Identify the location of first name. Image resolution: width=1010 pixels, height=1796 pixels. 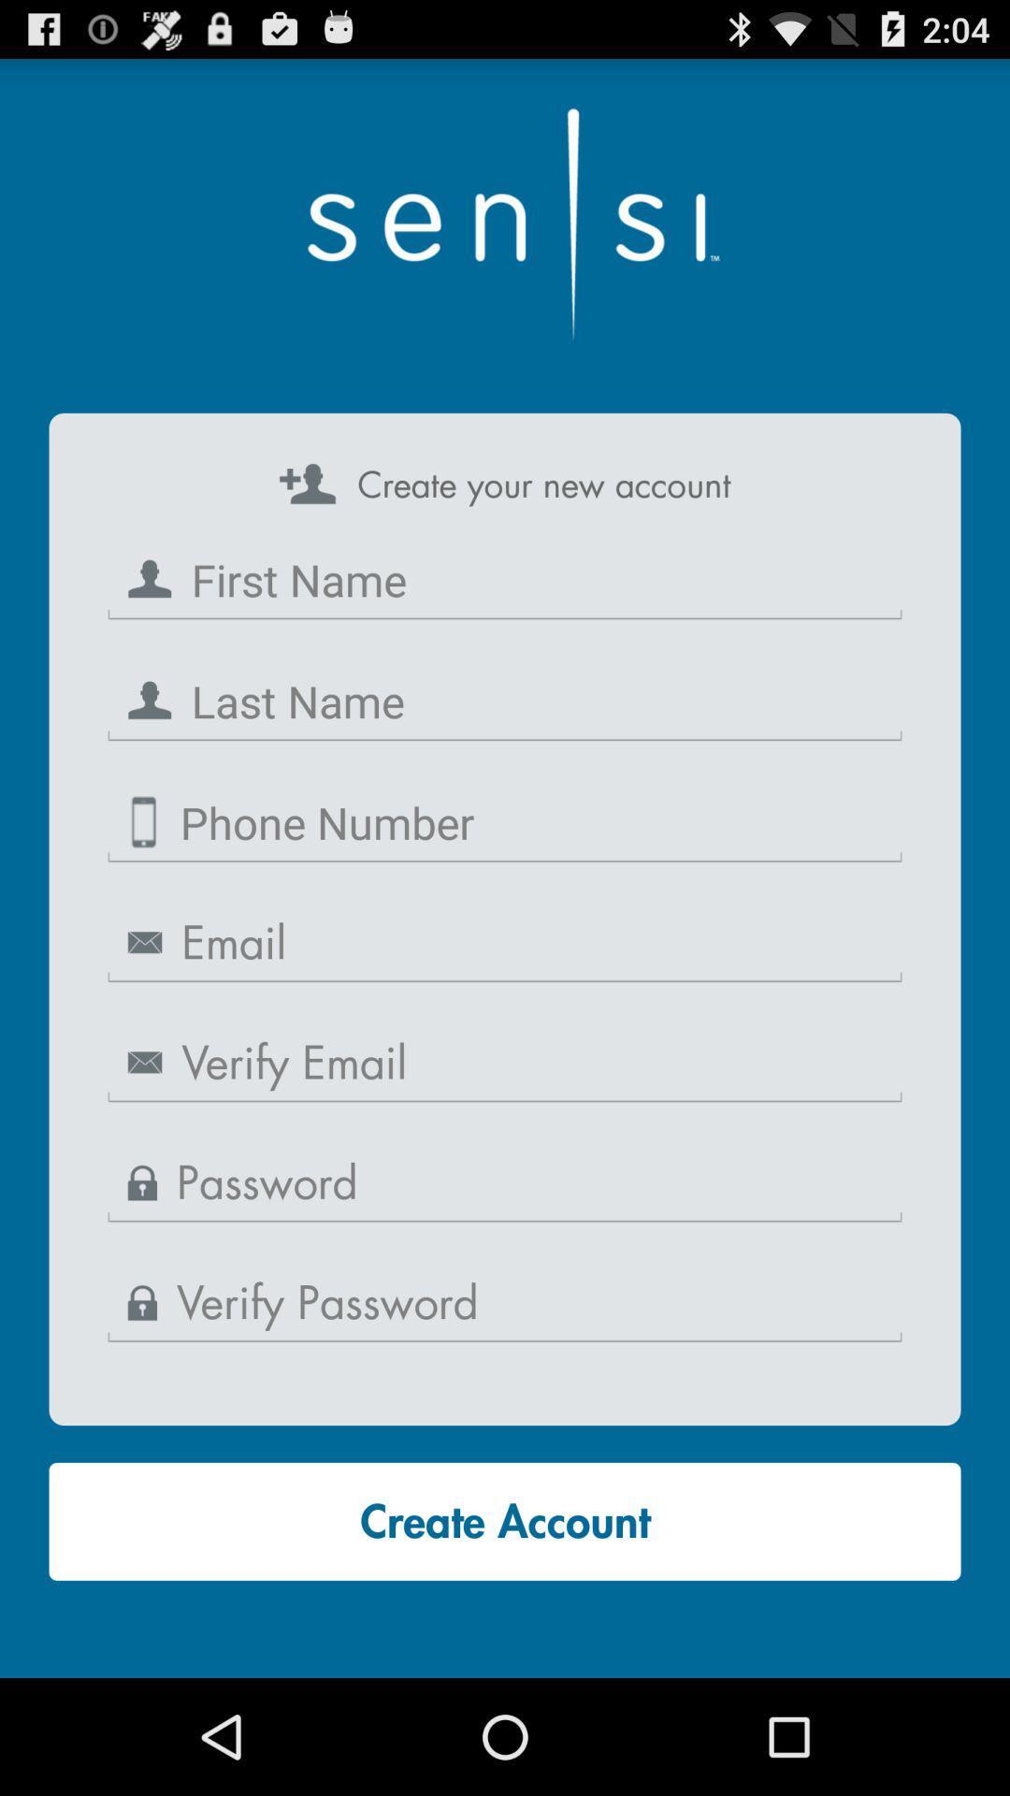
(505, 579).